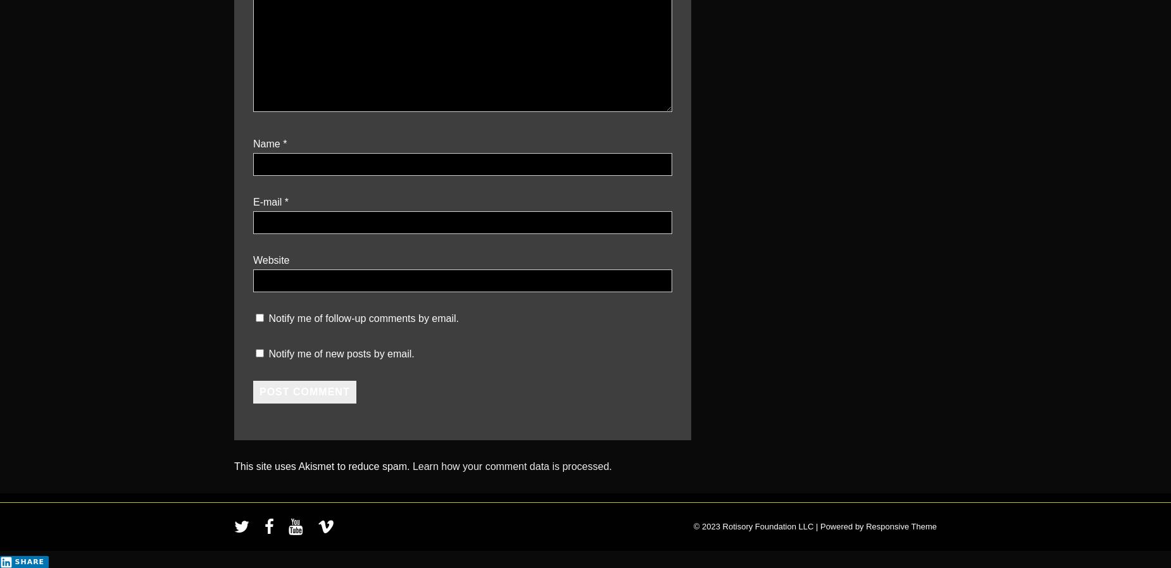  I want to click on 'This site uses Akismet to reduce spam.', so click(323, 466).